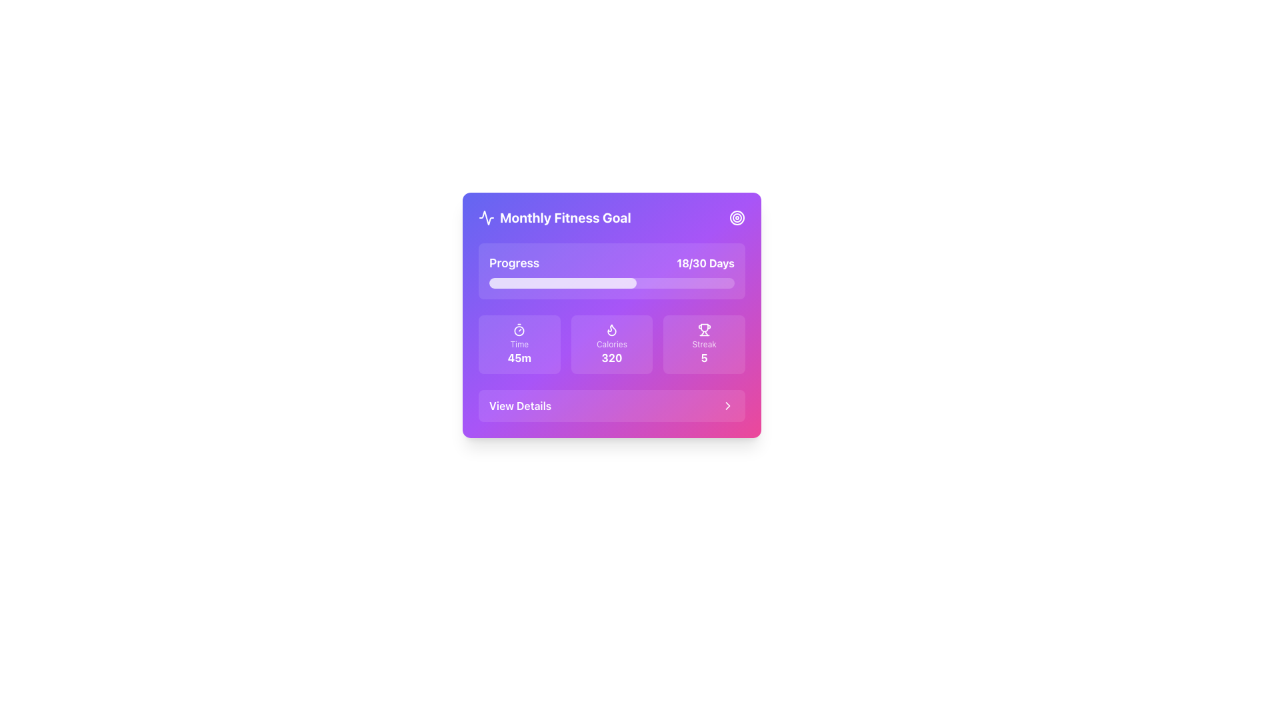  I want to click on the circular graphical timer element located at the center of the timer icon in the top-right corner of the 'Monthly Fitness Goal' card, so click(519, 330).